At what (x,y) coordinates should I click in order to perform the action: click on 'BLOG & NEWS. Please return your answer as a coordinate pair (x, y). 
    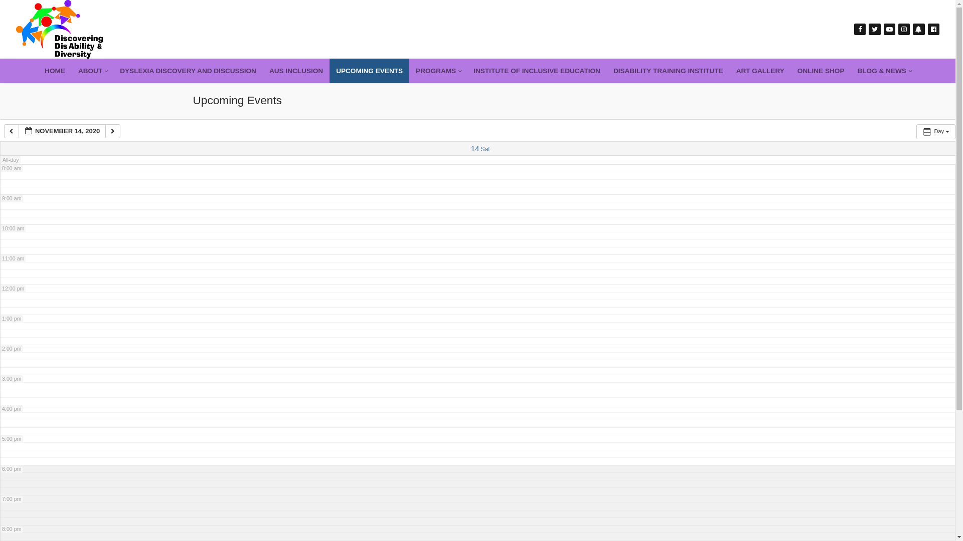
    Looking at the image, I should click on (883, 70).